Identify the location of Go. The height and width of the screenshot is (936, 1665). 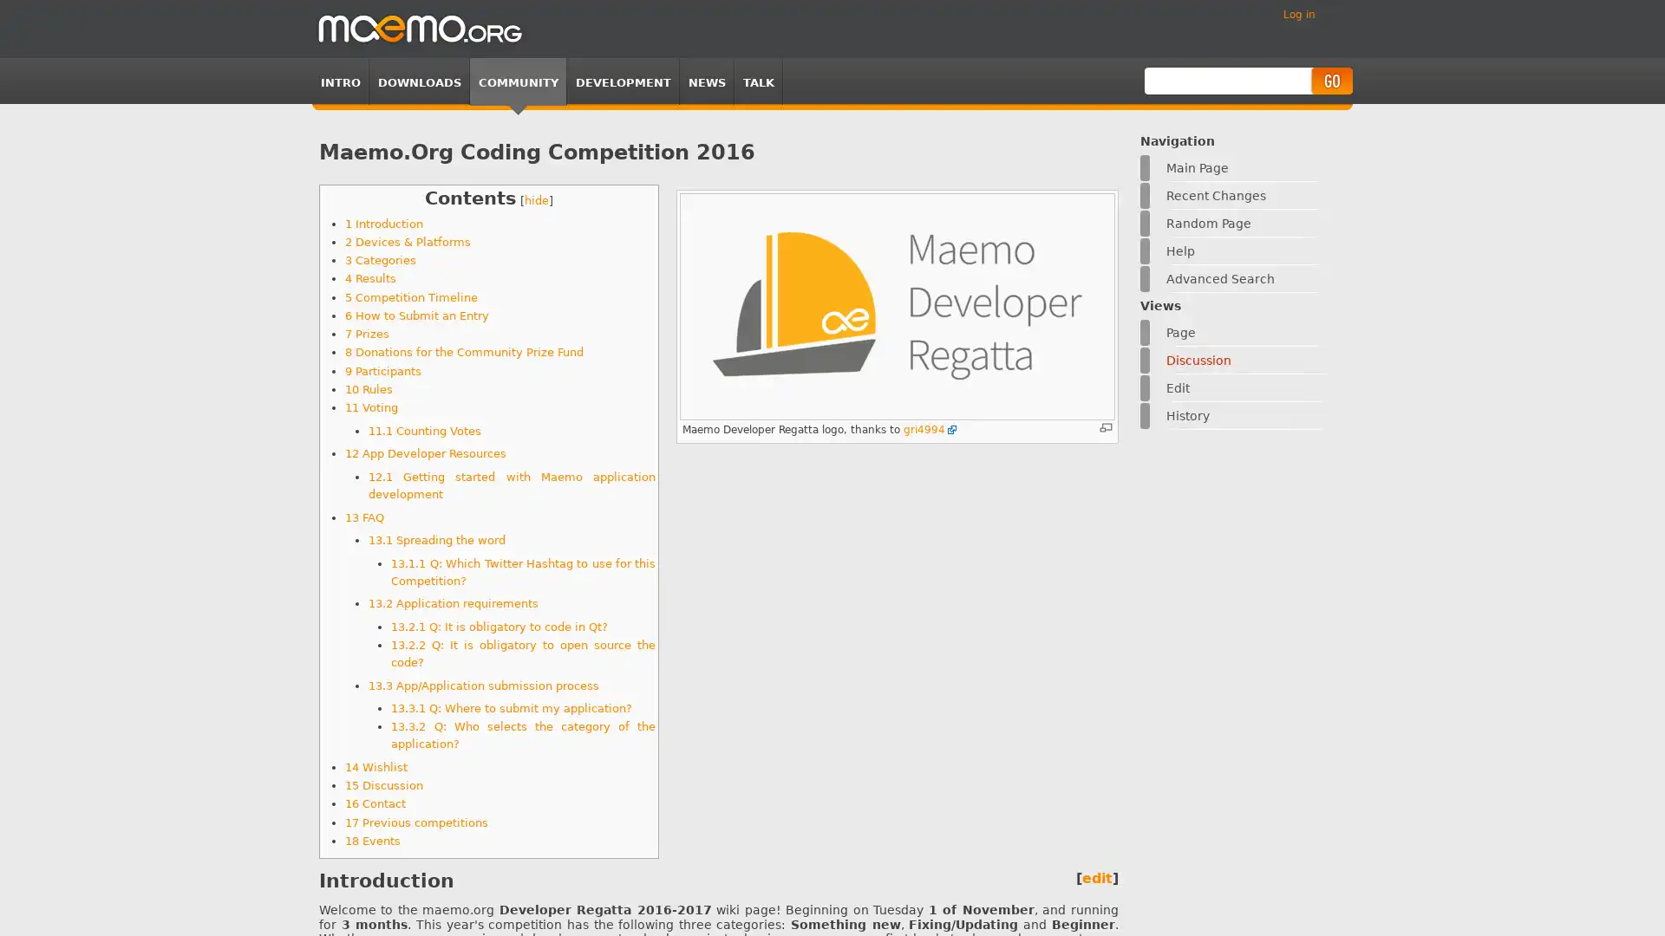
(1330, 81).